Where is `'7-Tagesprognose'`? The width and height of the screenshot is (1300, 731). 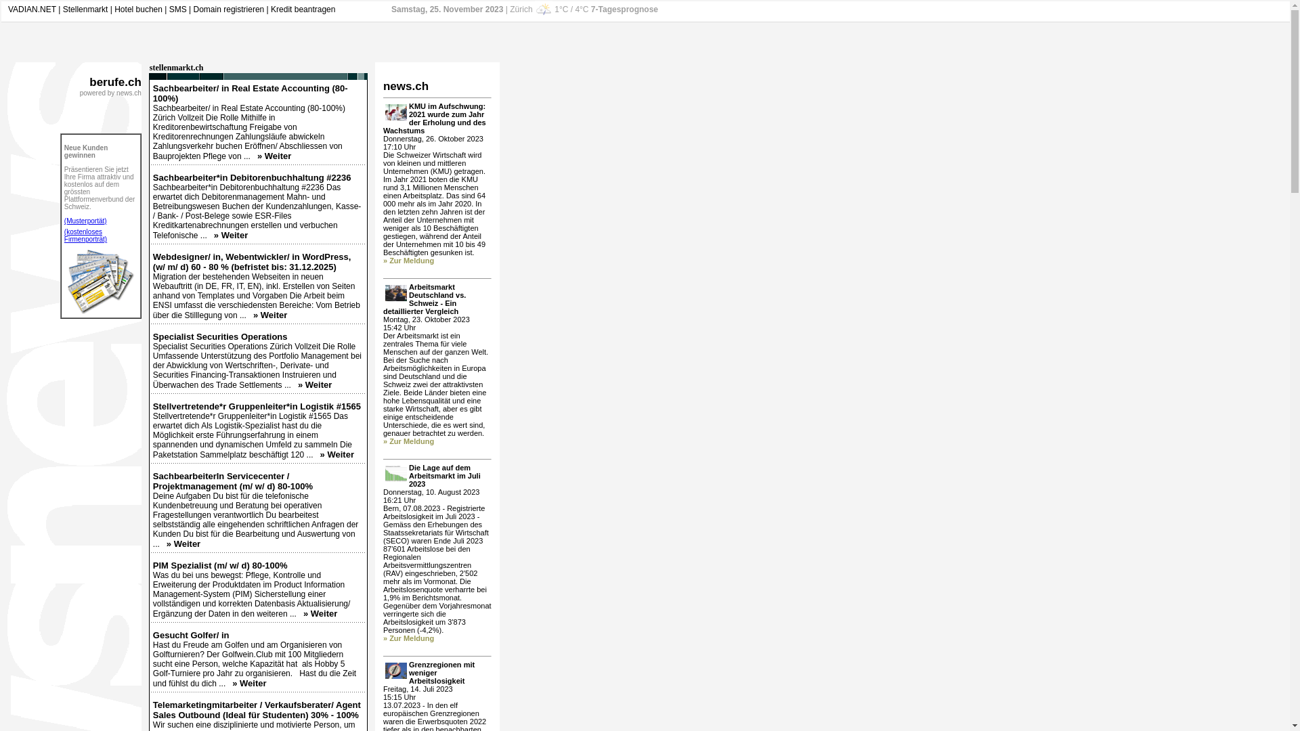 '7-Tagesprognose' is located at coordinates (624, 9).